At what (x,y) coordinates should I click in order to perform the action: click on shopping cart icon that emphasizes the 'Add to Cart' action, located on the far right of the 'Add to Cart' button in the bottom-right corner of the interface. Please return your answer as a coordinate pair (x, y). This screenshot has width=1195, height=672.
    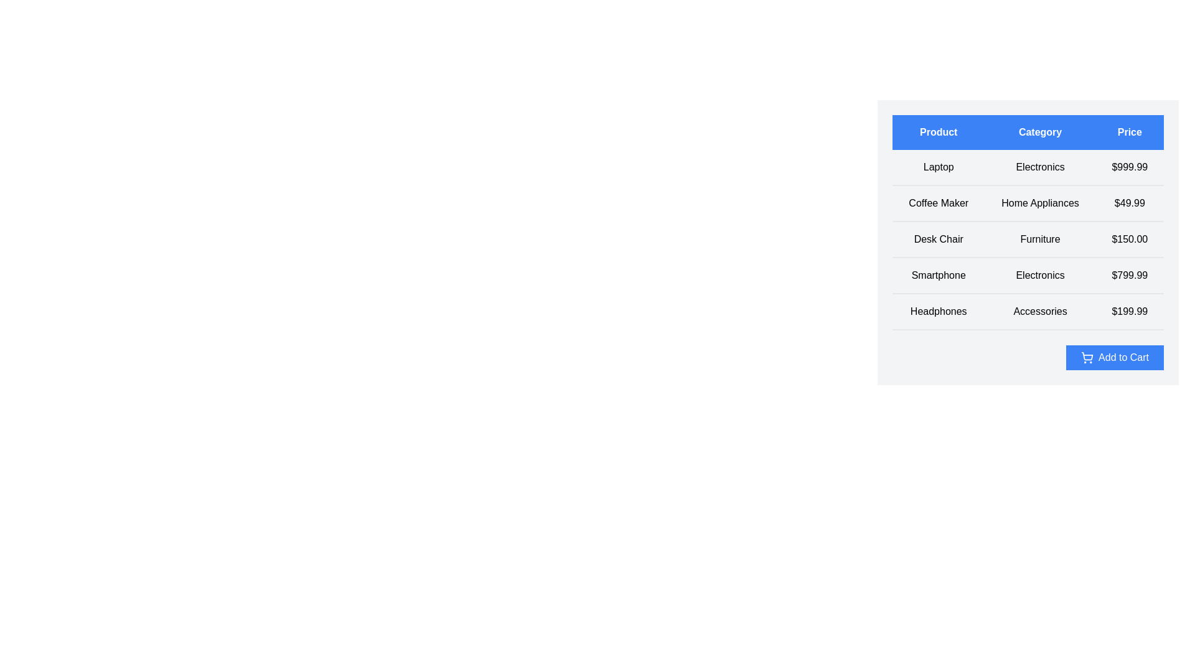
    Looking at the image, I should click on (1087, 357).